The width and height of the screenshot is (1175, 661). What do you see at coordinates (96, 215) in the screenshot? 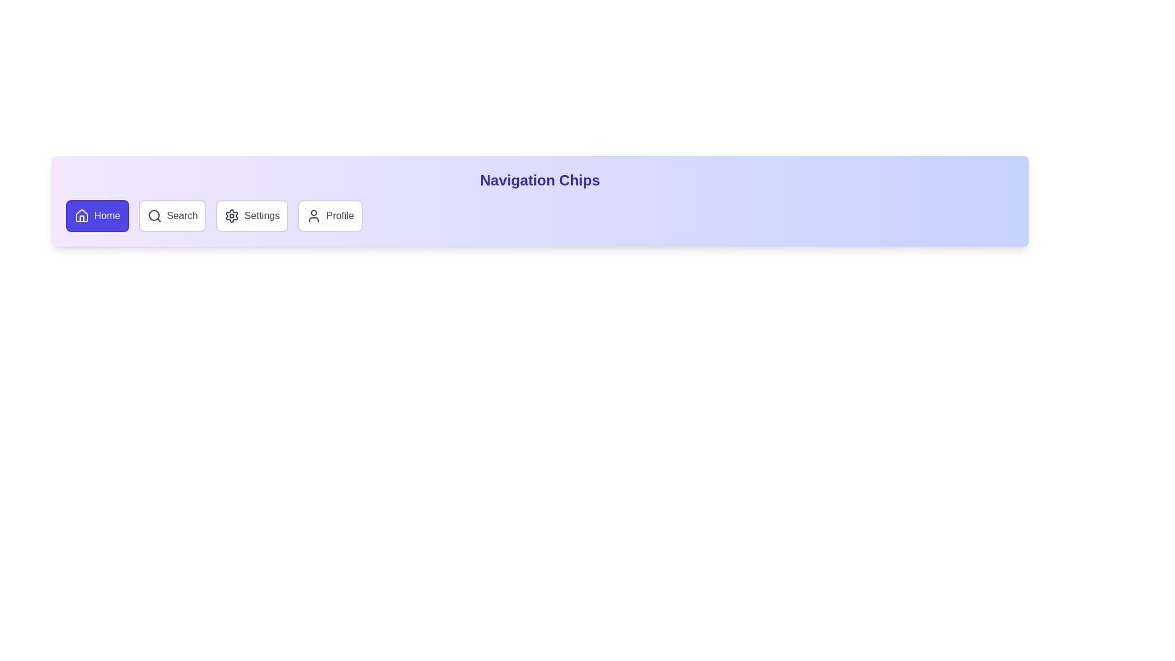
I see `the Home chip to navigate to its corresponding section` at bounding box center [96, 215].